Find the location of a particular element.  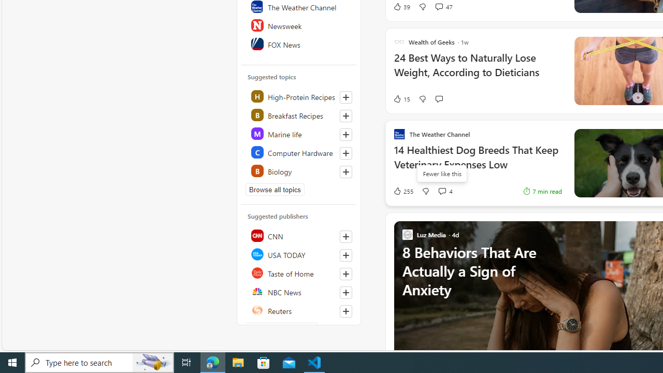

'Follow this source' is located at coordinates (346, 310).